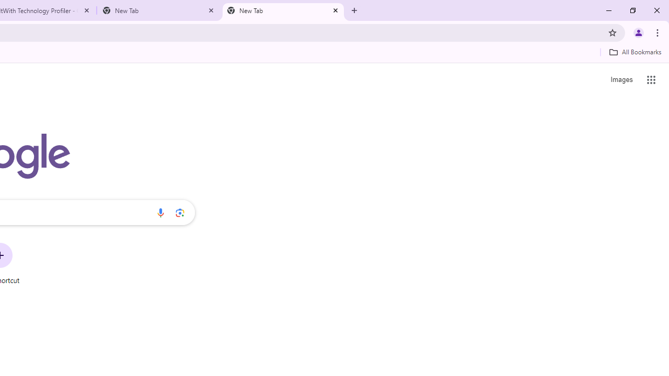 The height and width of the screenshot is (376, 669). What do you see at coordinates (621, 79) in the screenshot?
I see `'Search for Images '` at bounding box center [621, 79].